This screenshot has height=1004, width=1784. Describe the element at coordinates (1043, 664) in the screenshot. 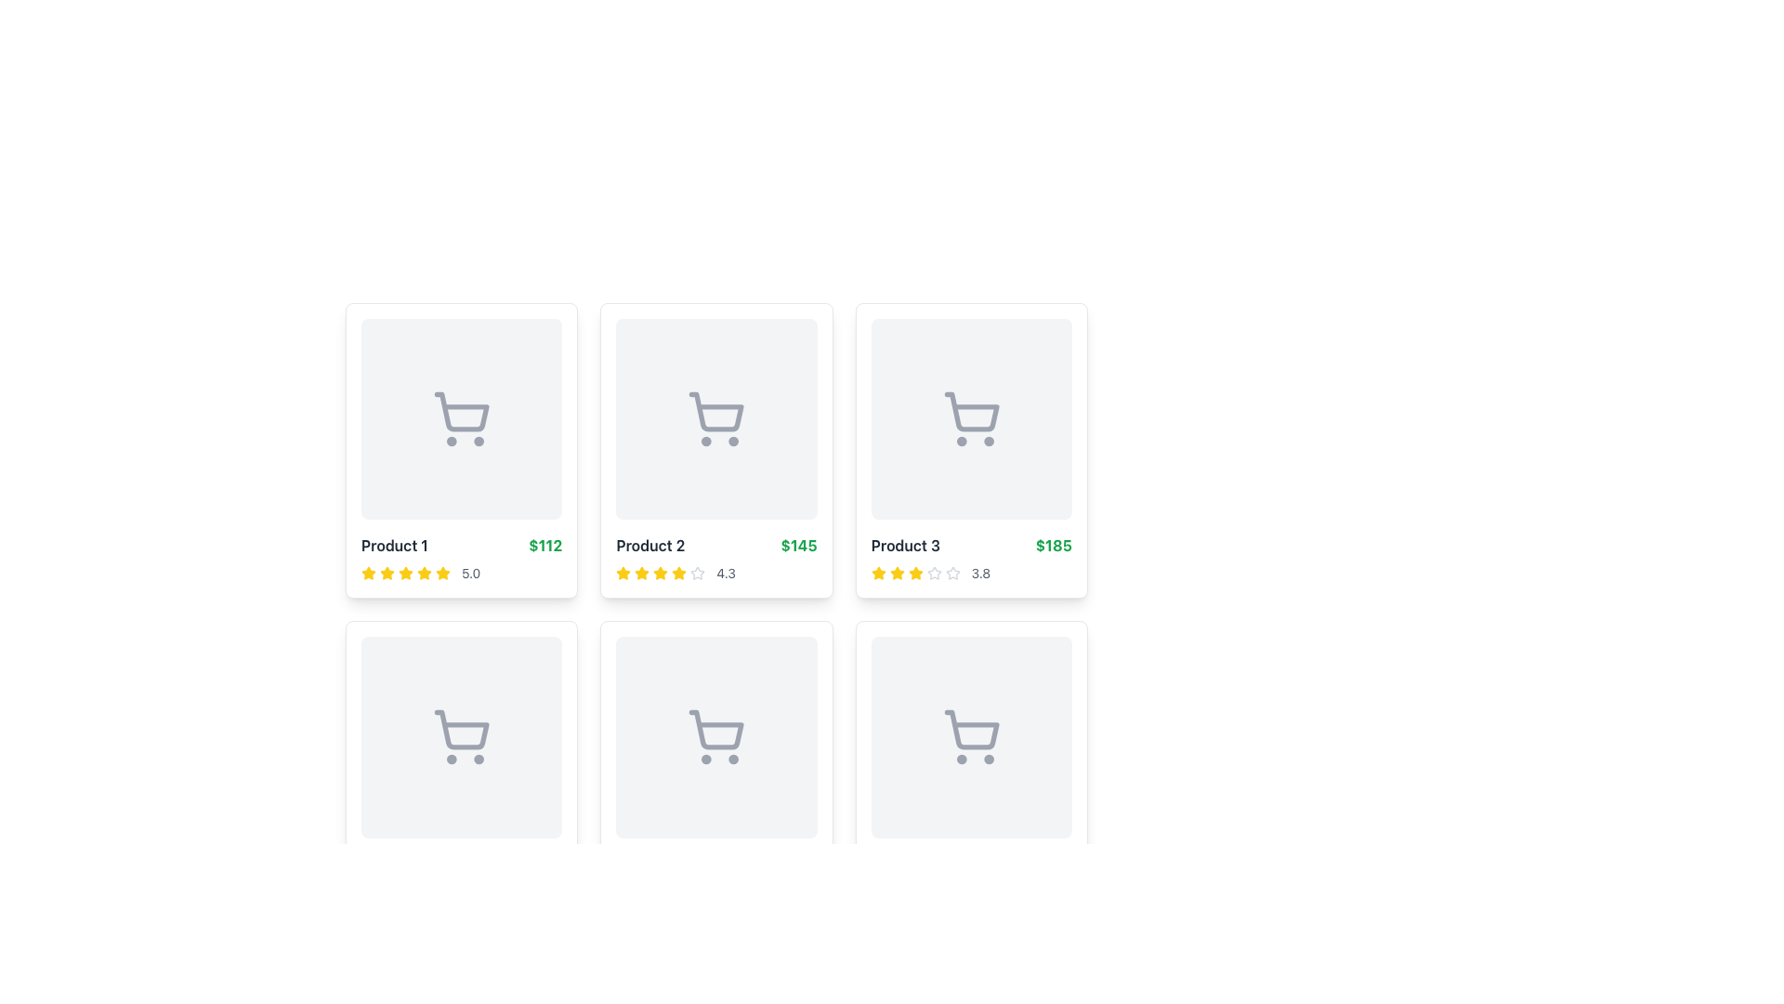

I see `the 'like' button located in the top-right corner of the last product card in the second row of the grid layout, which allows users to toggle the product's favorite status` at that location.